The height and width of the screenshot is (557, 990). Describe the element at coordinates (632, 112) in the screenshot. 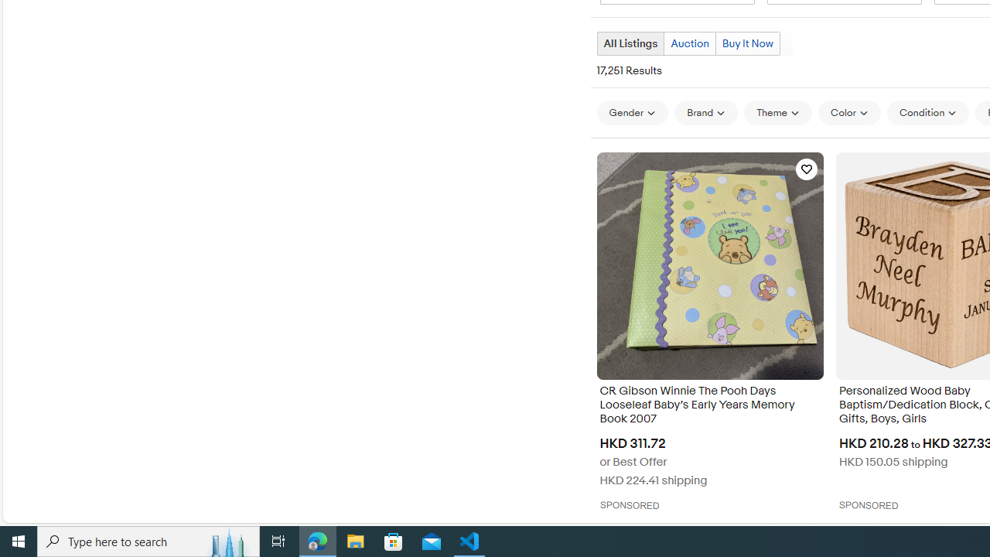

I see `'Gender'` at that location.